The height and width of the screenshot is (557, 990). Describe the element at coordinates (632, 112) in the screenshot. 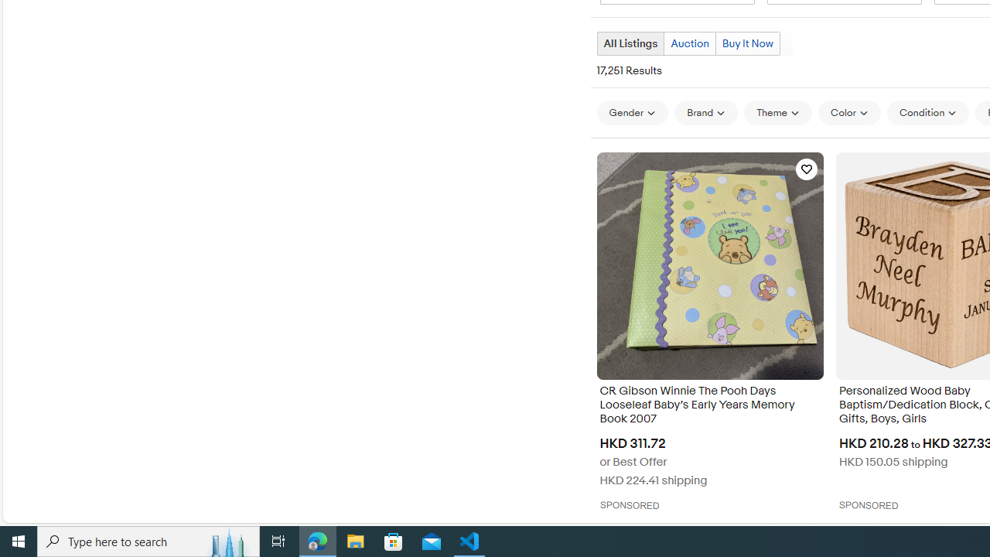

I see `'Gender'` at that location.